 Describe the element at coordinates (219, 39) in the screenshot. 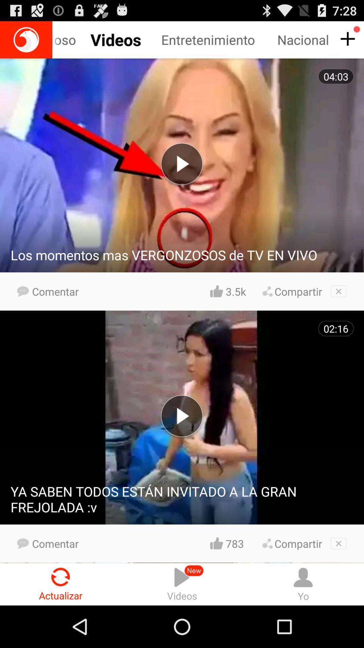

I see `icon to the right of gracioso icon` at that location.